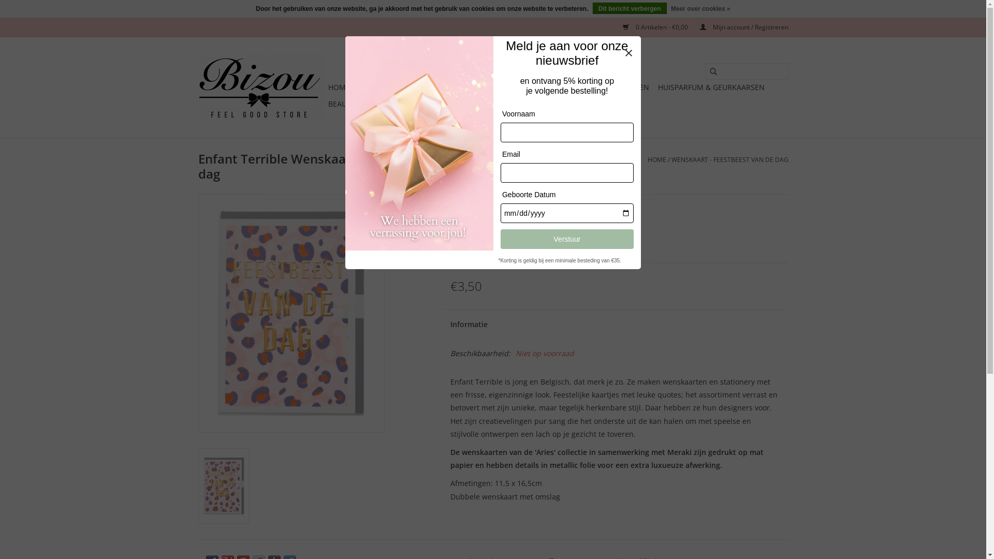 The image size is (994, 559). What do you see at coordinates (593, 8) in the screenshot?
I see `'Dit bericht verbergen'` at bounding box center [593, 8].